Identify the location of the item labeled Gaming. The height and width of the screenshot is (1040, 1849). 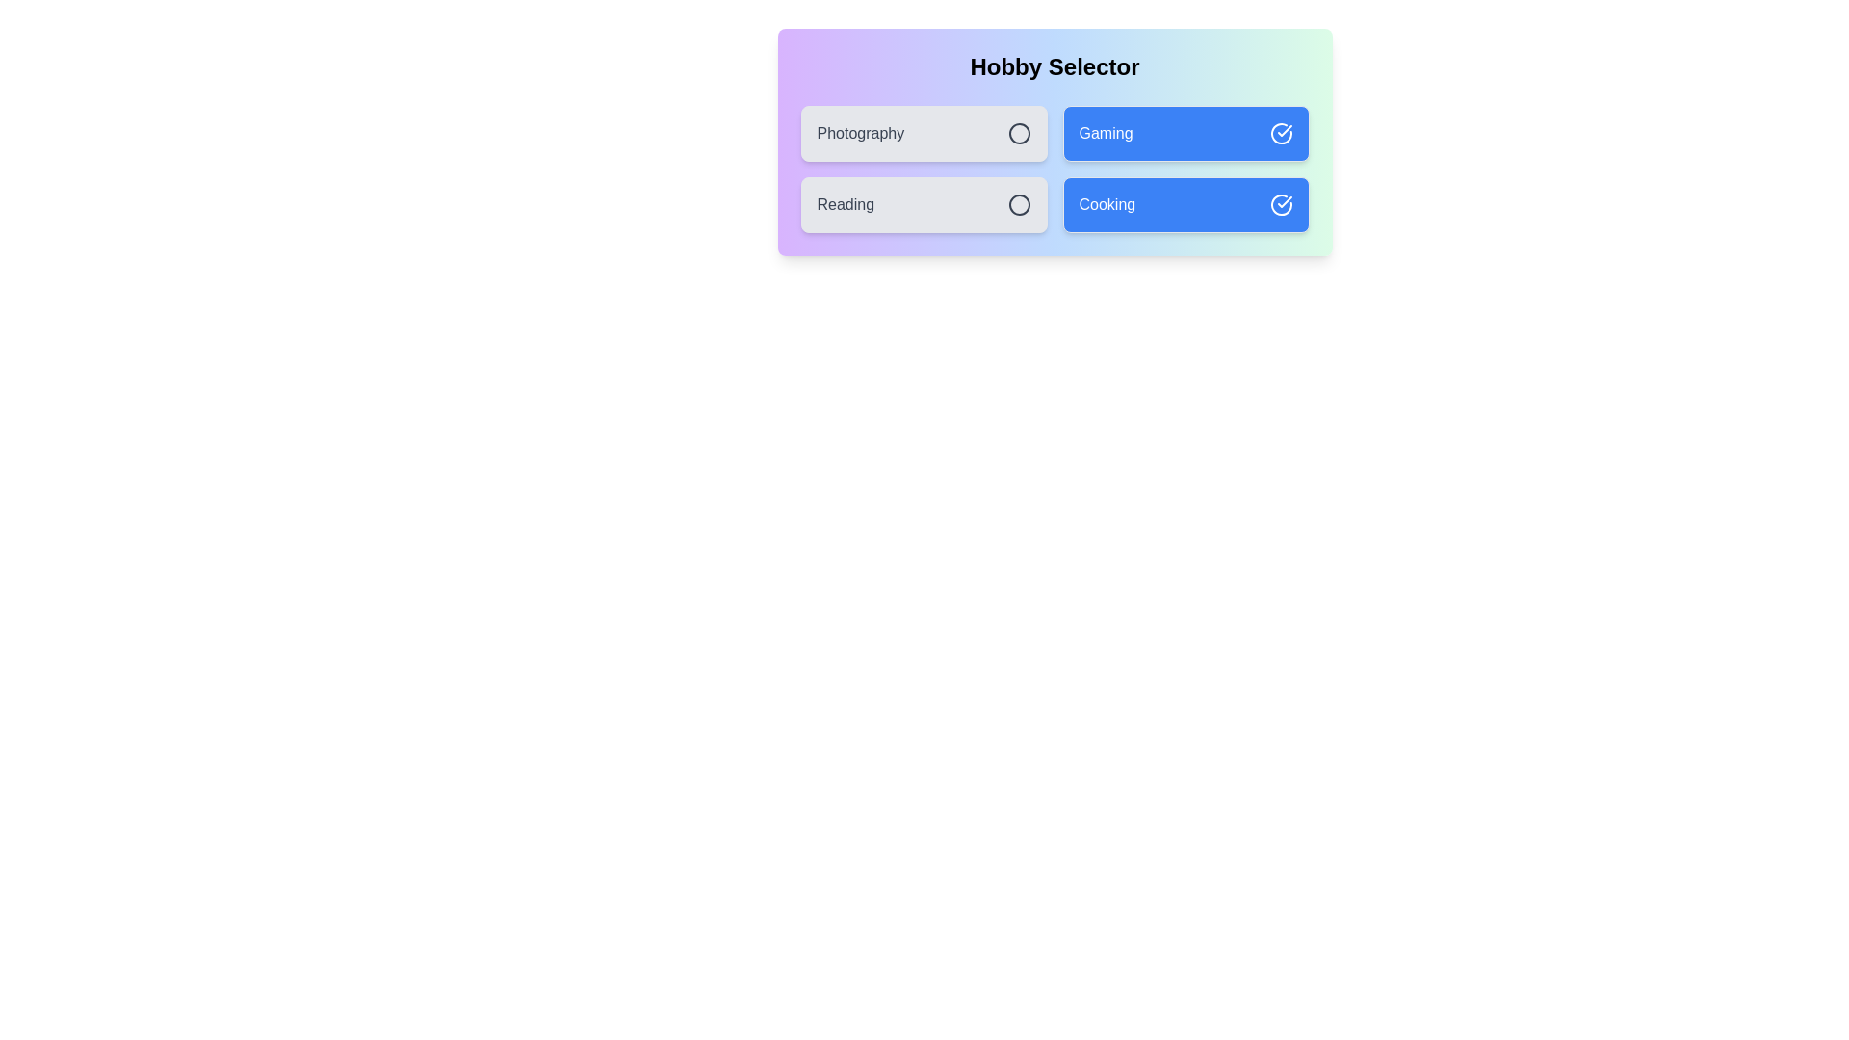
(1185, 132).